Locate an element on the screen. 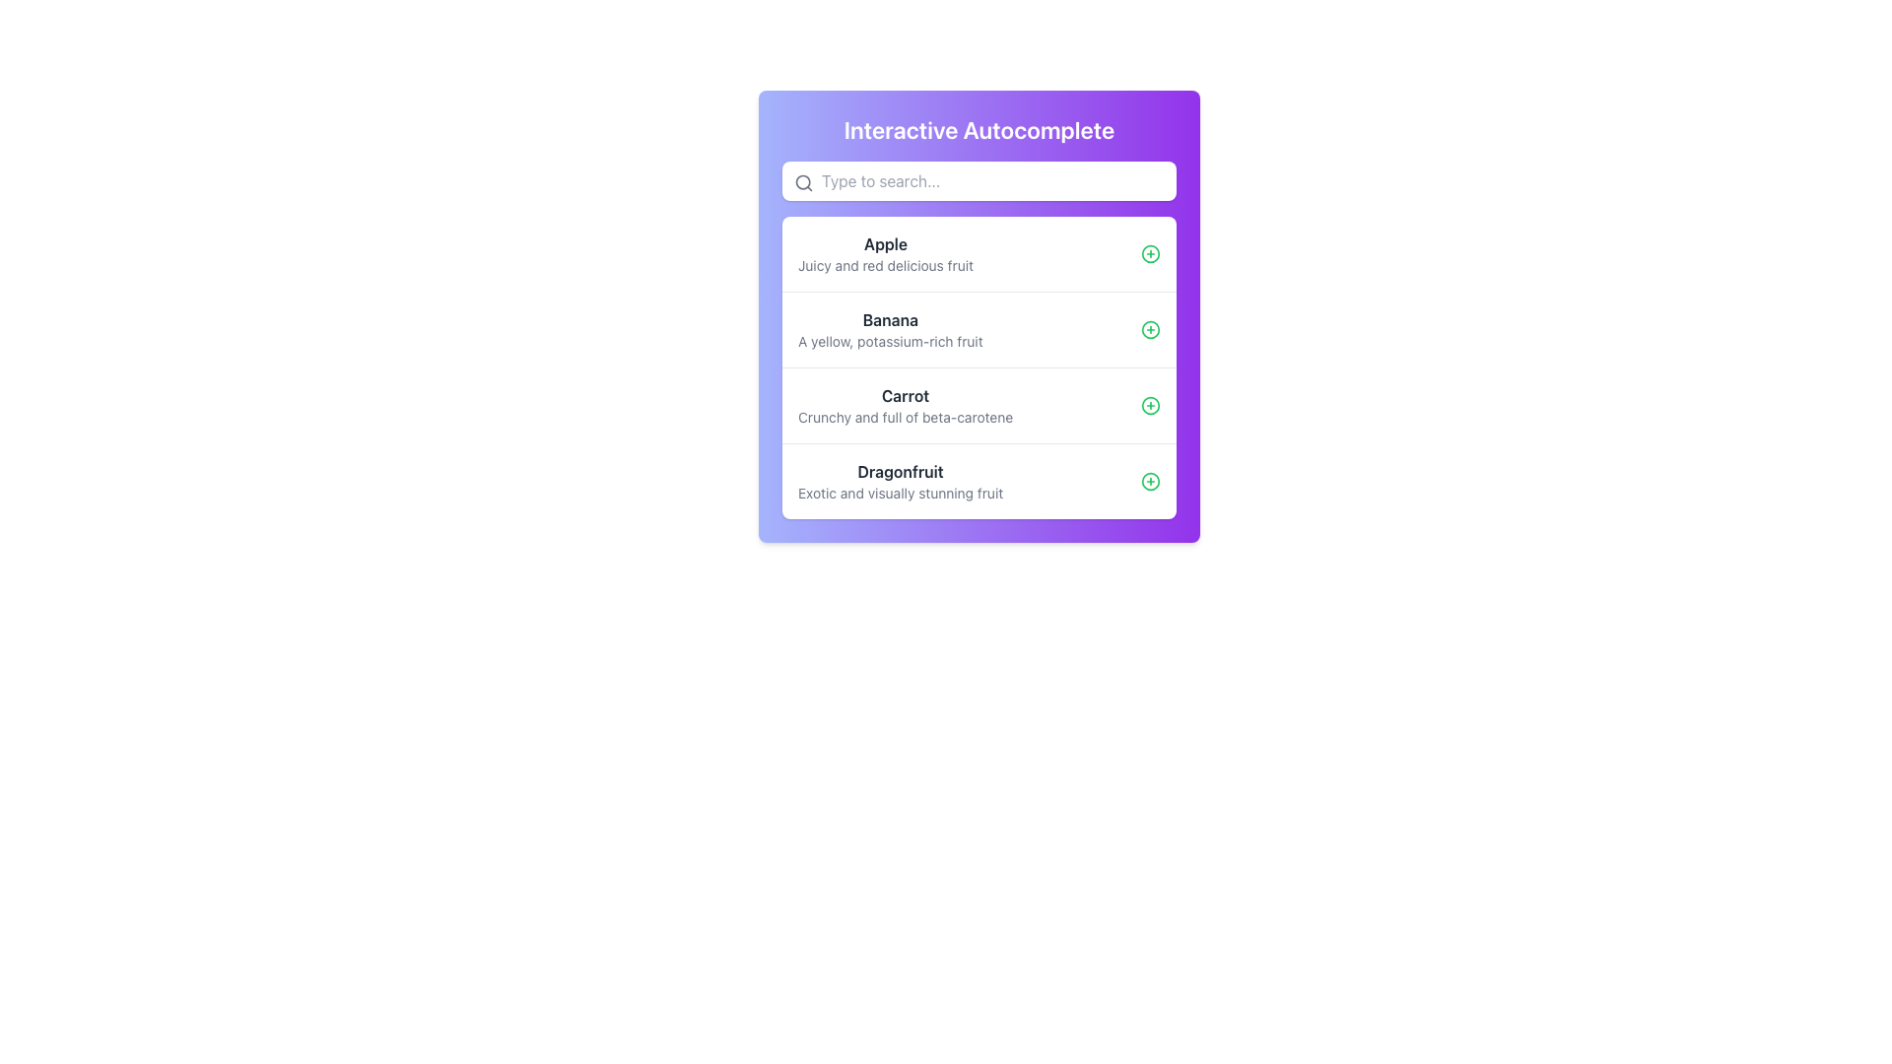 Image resolution: width=1892 pixels, height=1064 pixels. the icon that represents the action to add the 'Carrot' item to a selection, located in the third item under the header 'Interactive Autocomplete' is located at coordinates (1150, 405).